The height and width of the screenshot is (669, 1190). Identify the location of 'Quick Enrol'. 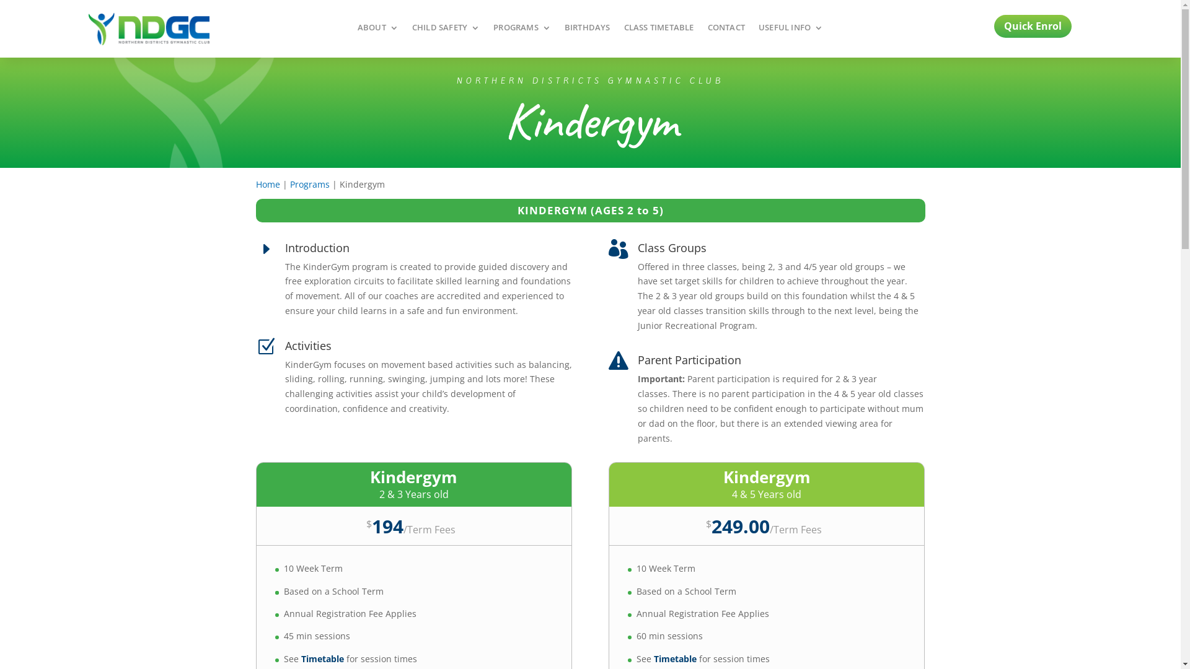
(994, 26).